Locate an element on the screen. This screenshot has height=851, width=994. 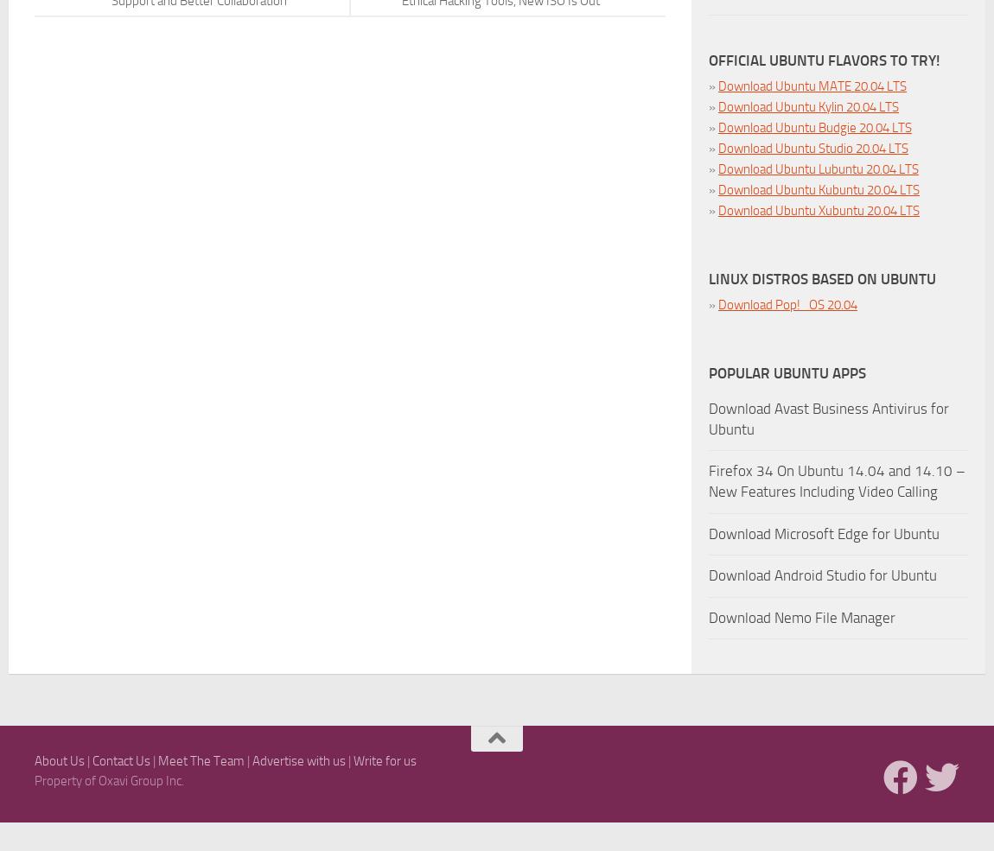
'Official Ubuntu Flavors To Try!' is located at coordinates (825, 60).